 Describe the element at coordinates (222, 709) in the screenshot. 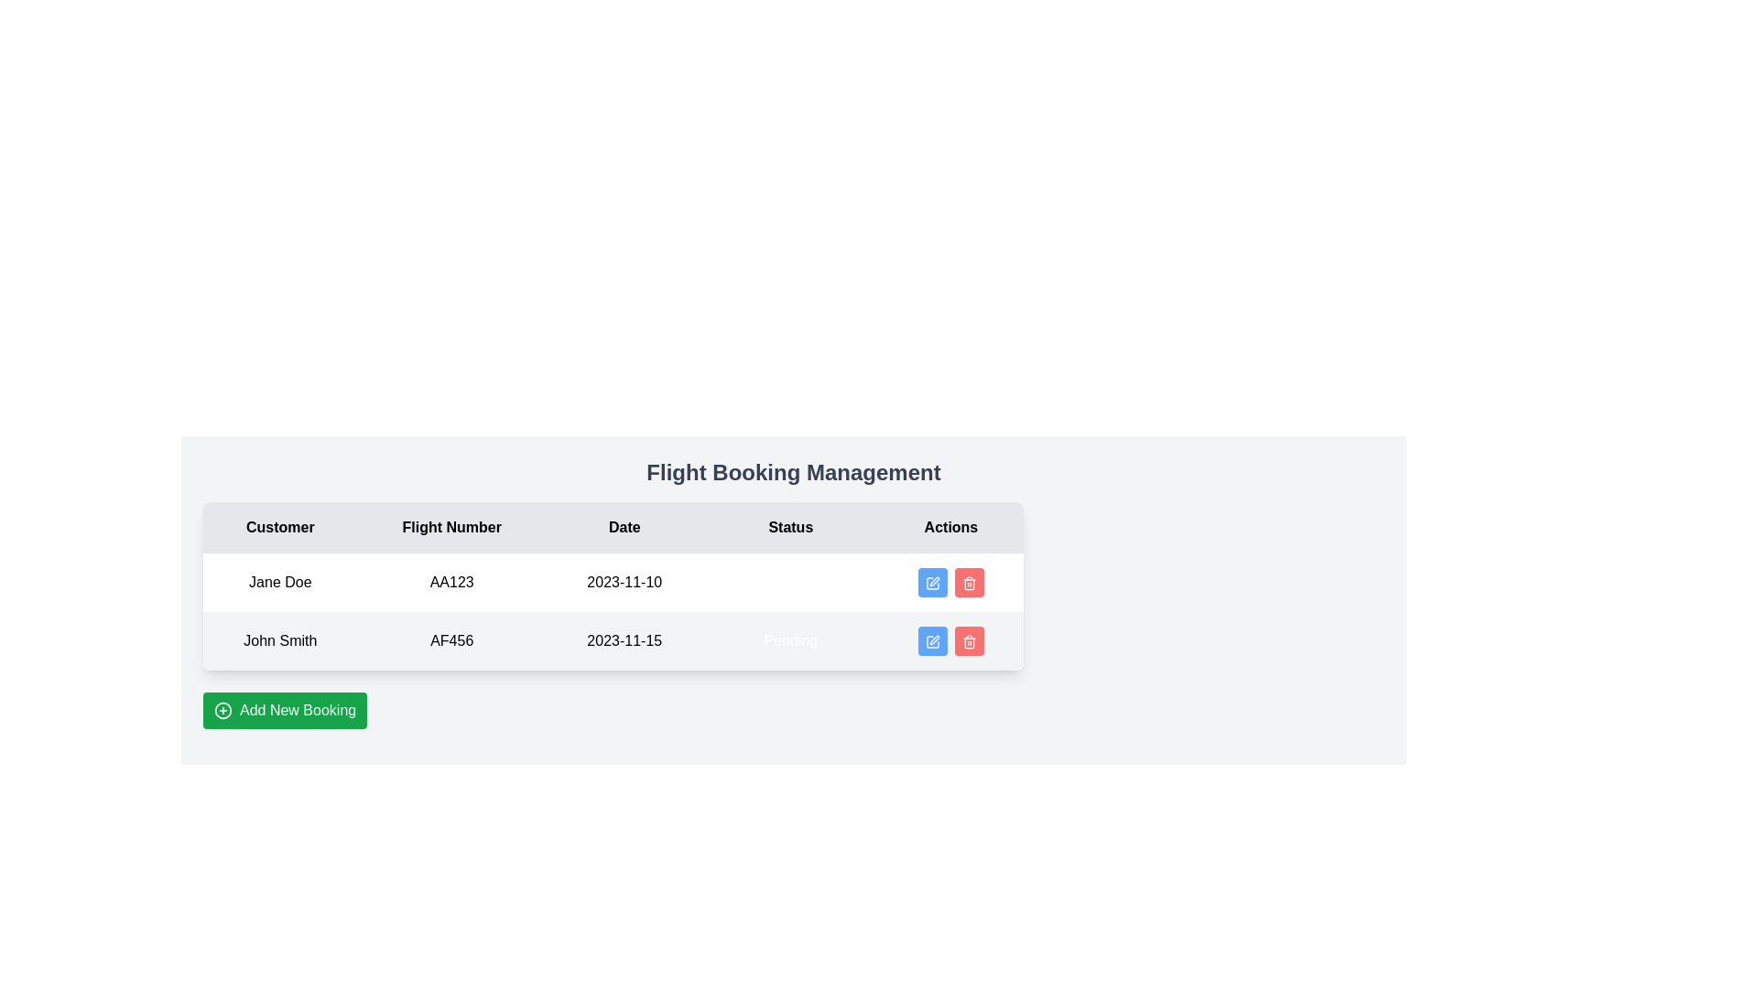

I see `the decorative circle element located to the left of the 'Add New Booking' button, which symbolizes an action of adding or creating something new` at that location.